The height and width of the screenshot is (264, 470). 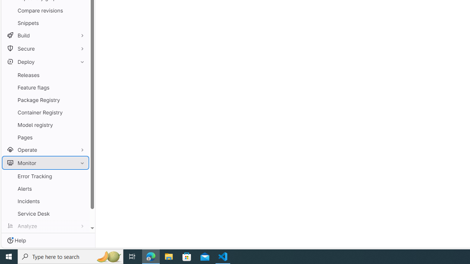 I want to click on 'Container Registry', so click(x=45, y=112).